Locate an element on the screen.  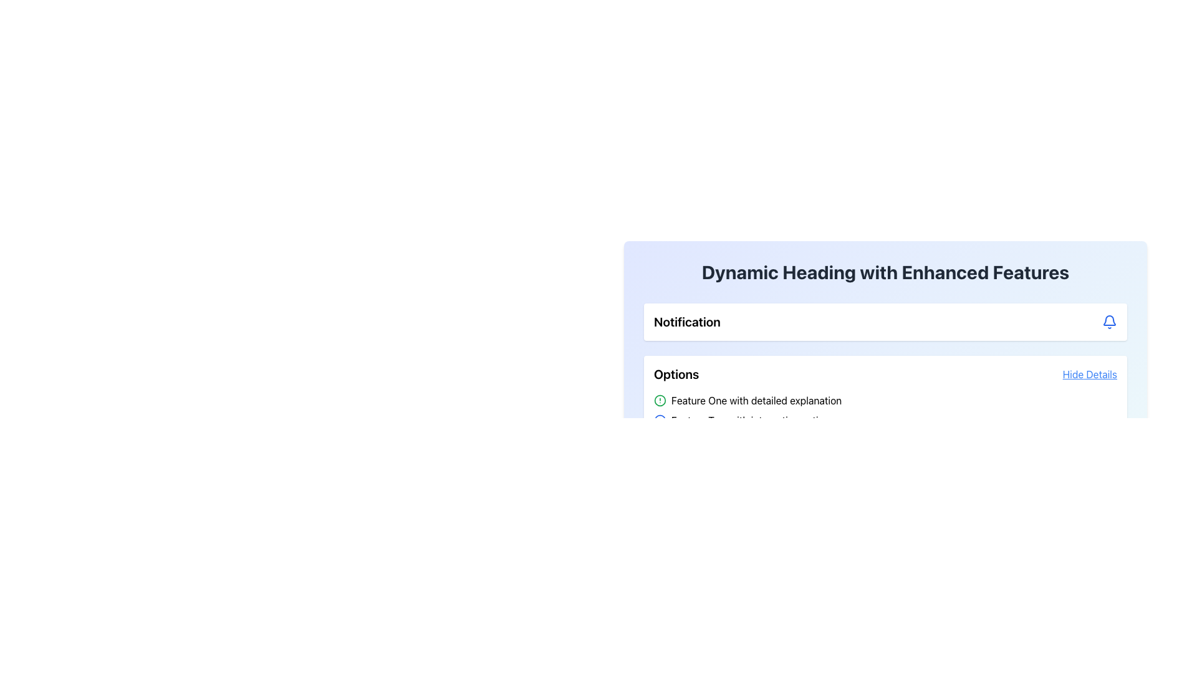
the Label element displaying 'Feature Two with interactive options', which is the second item in the vertically stacked list of features under the 'Options' section is located at coordinates (752, 421).